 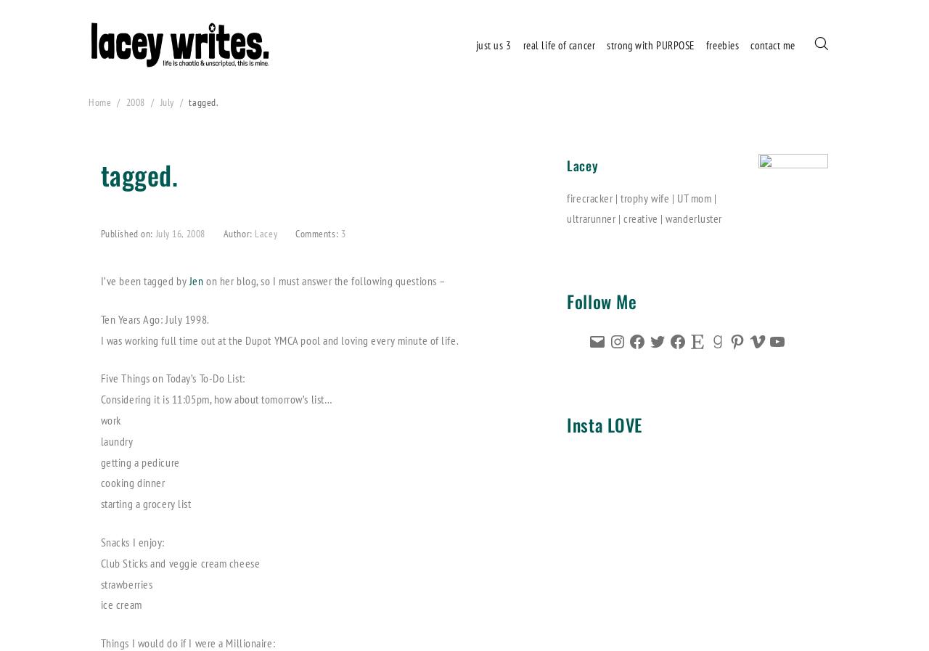 What do you see at coordinates (87, 102) in the screenshot?
I see `'Home'` at bounding box center [87, 102].